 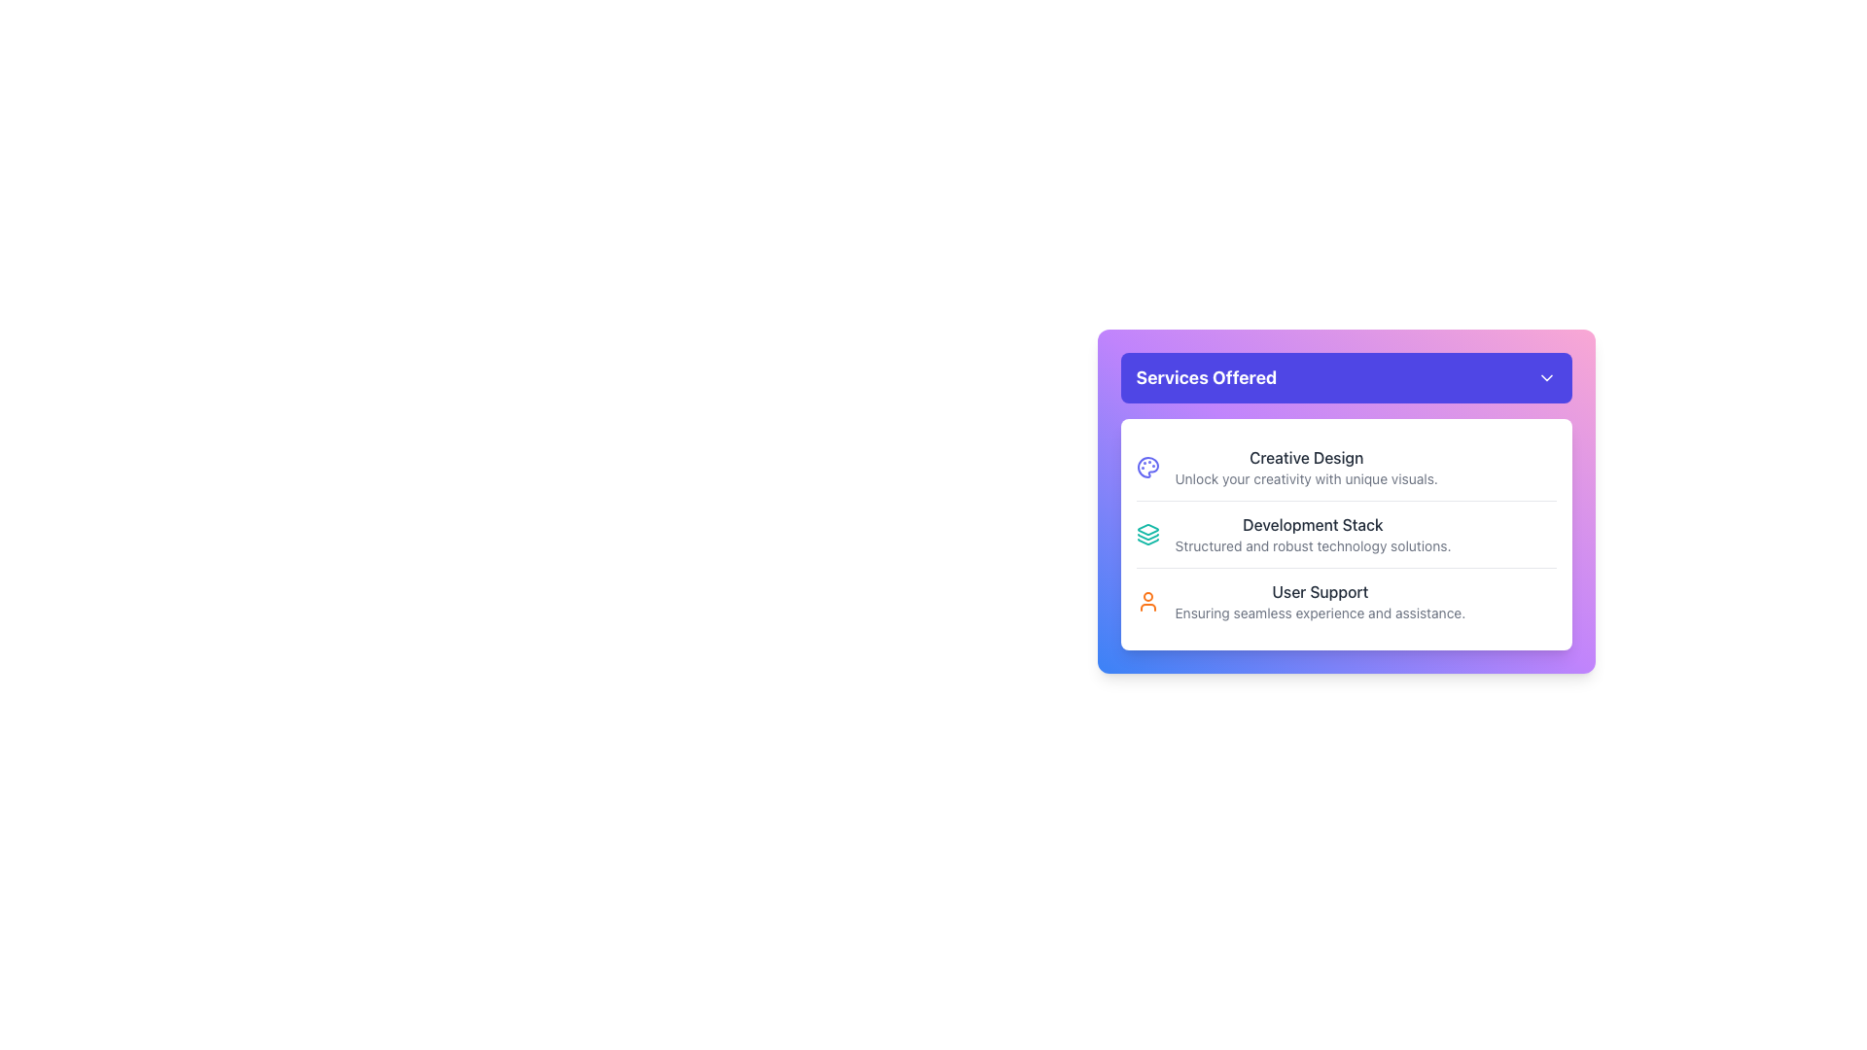 What do you see at coordinates (1345, 534) in the screenshot?
I see `the 'Development Stack' text block with supporting icon to visualize further information` at bounding box center [1345, 534].